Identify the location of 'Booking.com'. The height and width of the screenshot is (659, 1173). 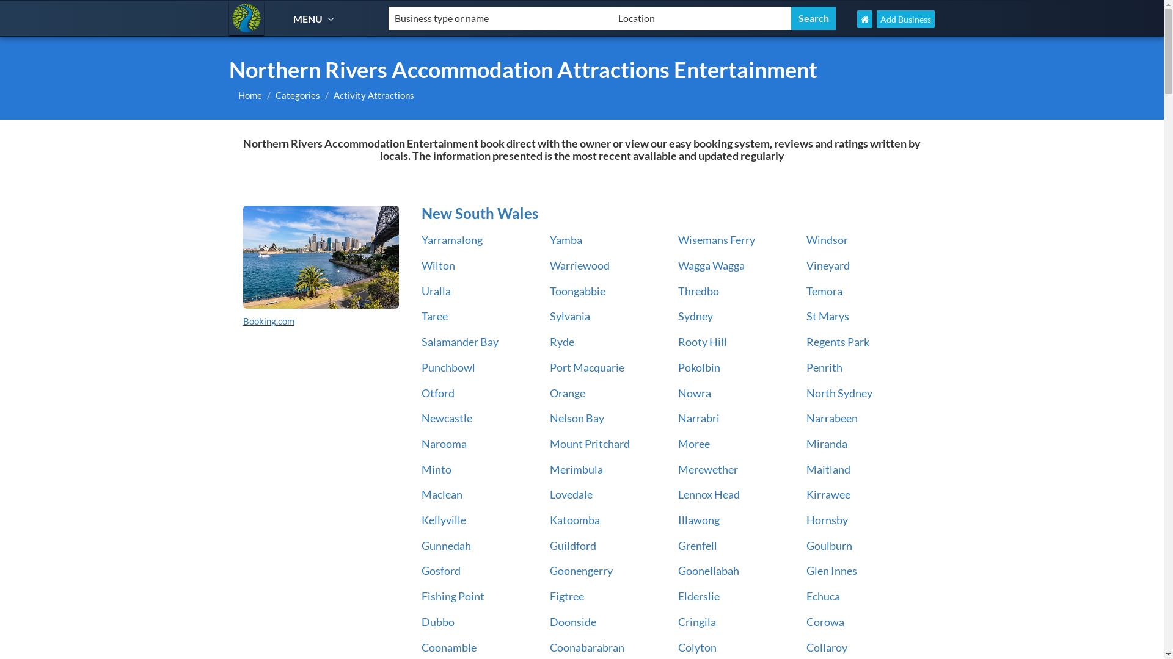
(268, 320).